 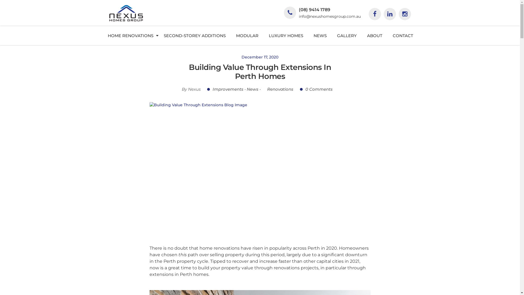 I want to click on 'info@nexushomesgroup.com.au', so click(x=298, y=16).